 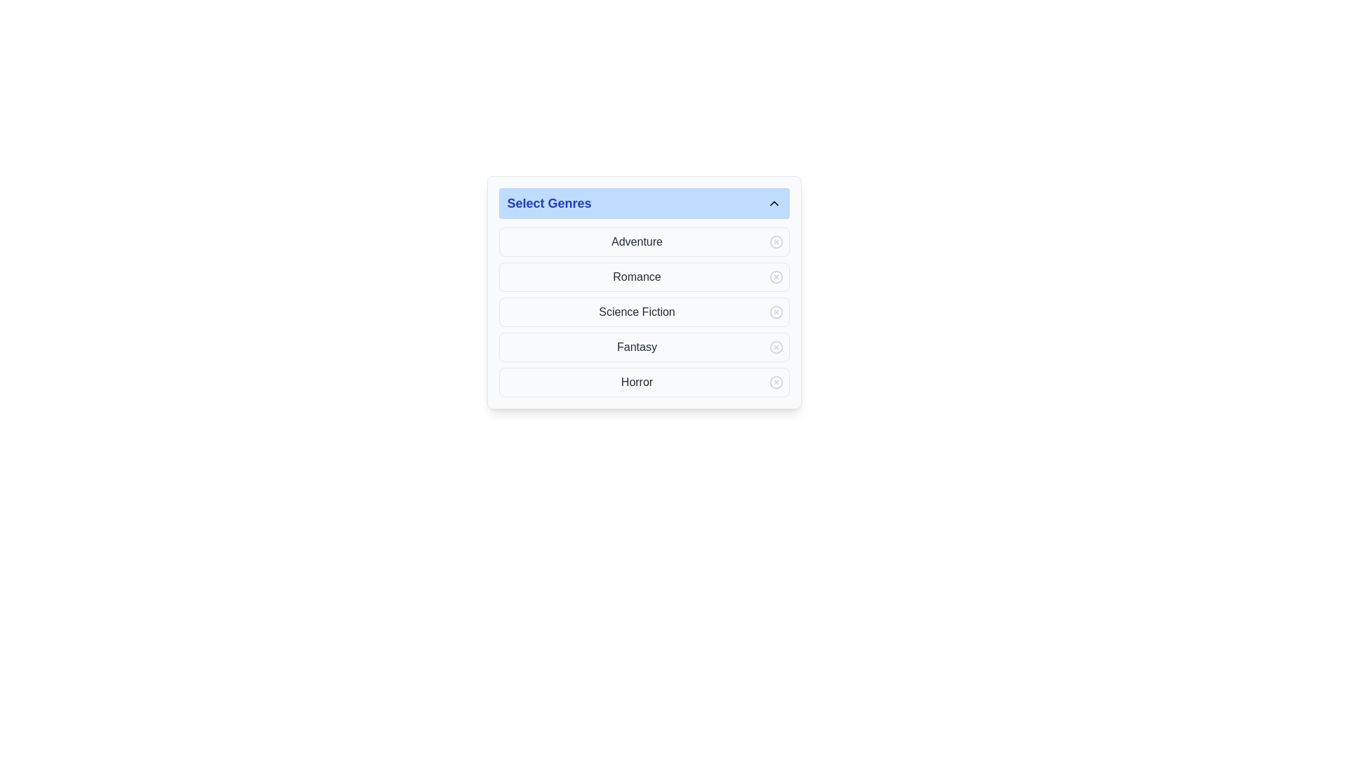 I want to click on the icon that represents deselecting or clearing the 'Horror' genre, located at the far right of the row labeled 'Horror', so click(x=775, y=382).